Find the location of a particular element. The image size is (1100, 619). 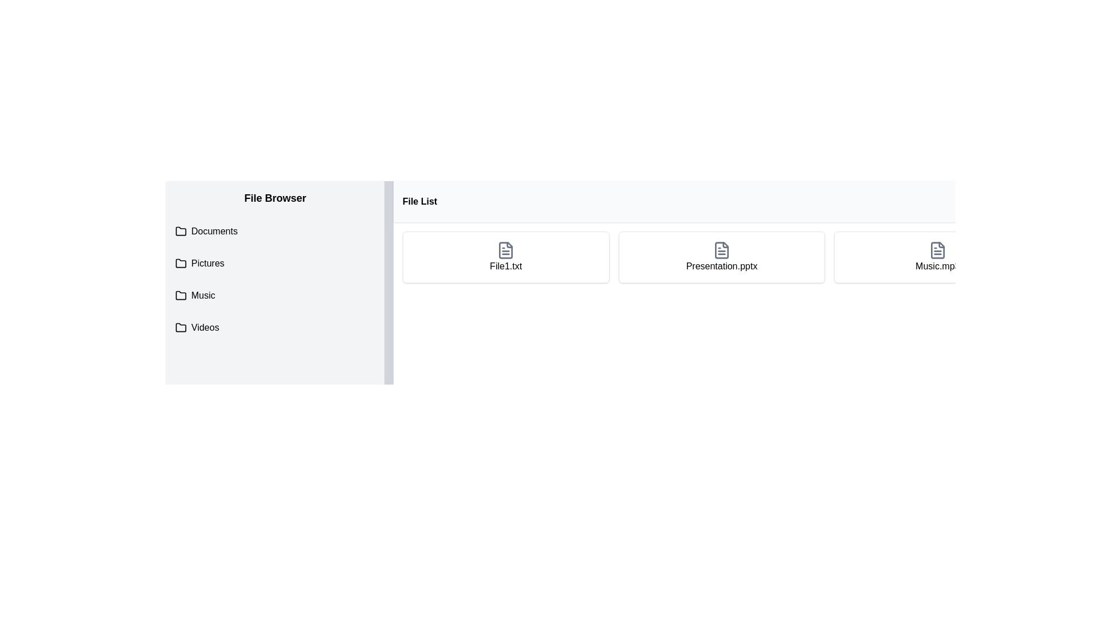

the text label displaying 'Music.mp3' located below the file icon in the third file box of the 'File List' section is located at coordinates (937, 267).